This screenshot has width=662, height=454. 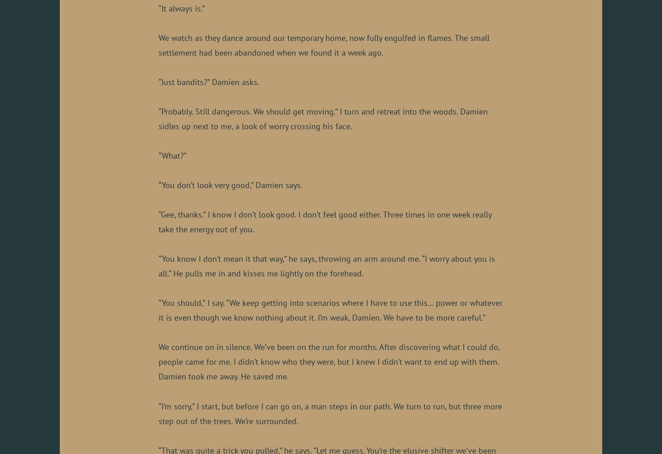 I want to click on '“I’m sorry,” I start, but before I can go on, a man steps in our path. We turn to run, but three more step out of the trees. We’re surrounded.', so click(x=330, y=413).